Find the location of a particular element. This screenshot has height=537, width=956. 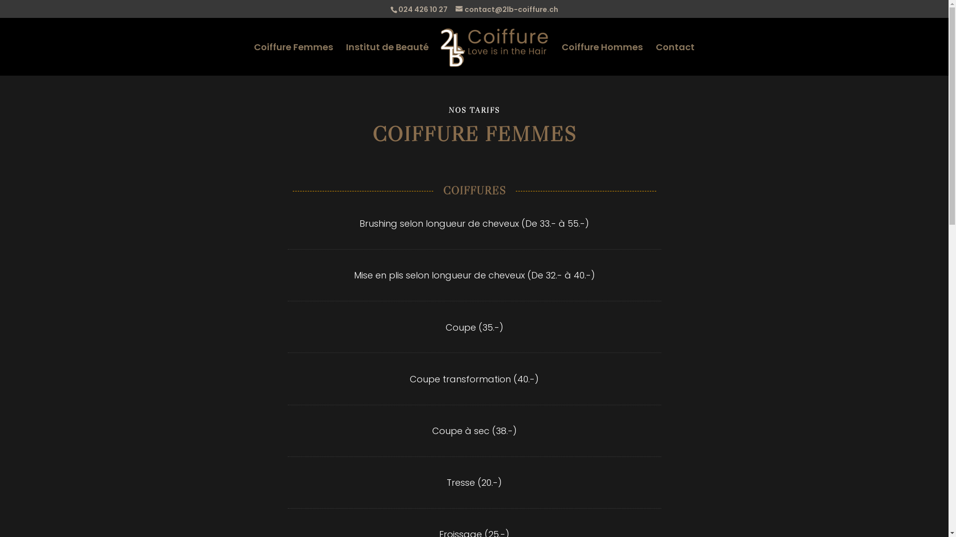

'contact@2lb-coiffure.ch' is located at coordinates (455, 9).